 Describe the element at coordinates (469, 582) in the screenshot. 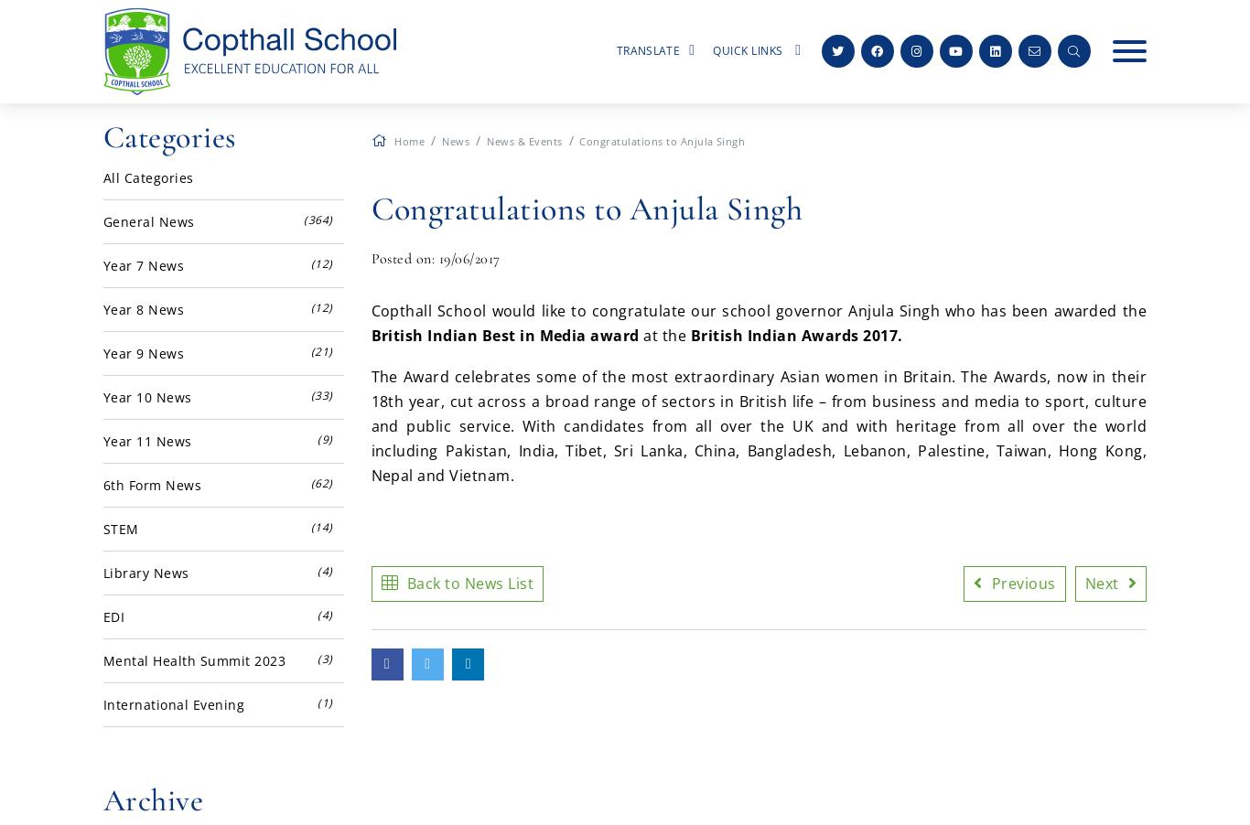

I see `'Back to News List'` at that location.